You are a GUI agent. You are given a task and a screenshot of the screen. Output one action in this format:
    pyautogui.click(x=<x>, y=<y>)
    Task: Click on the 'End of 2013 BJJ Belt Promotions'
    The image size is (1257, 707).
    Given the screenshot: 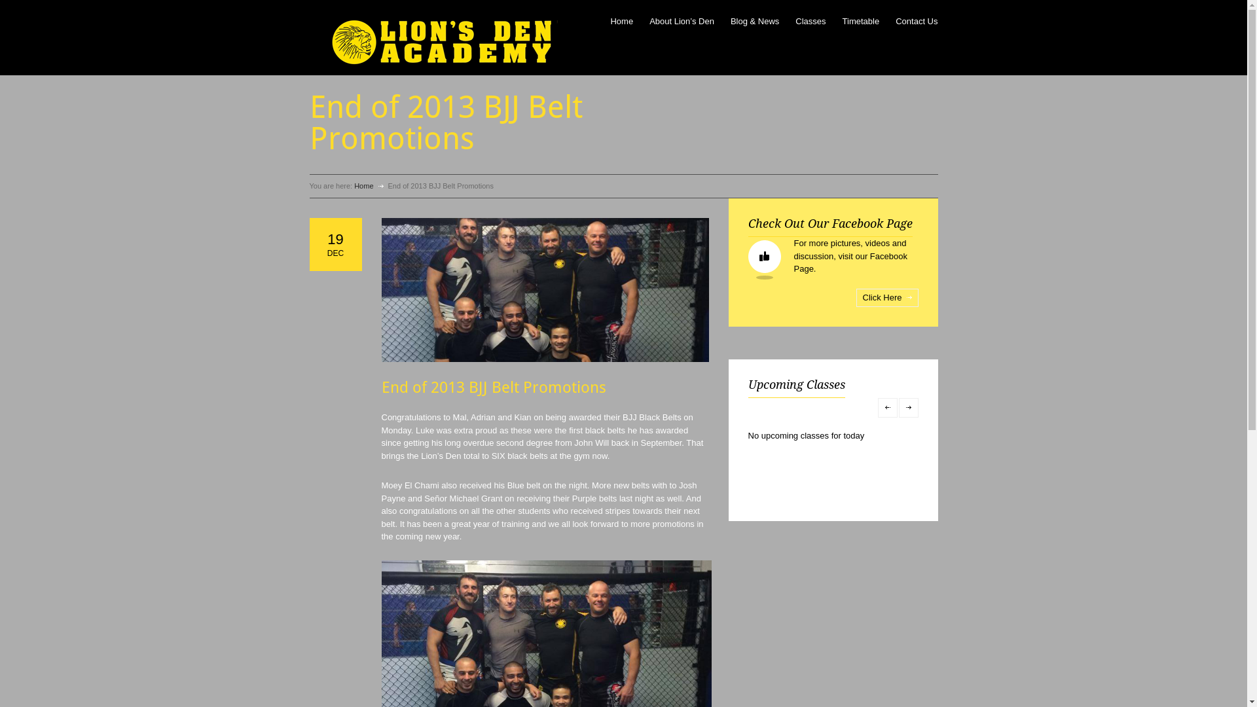 What is the action you would take?
    pyautogui.click(x=544, y=289)
    